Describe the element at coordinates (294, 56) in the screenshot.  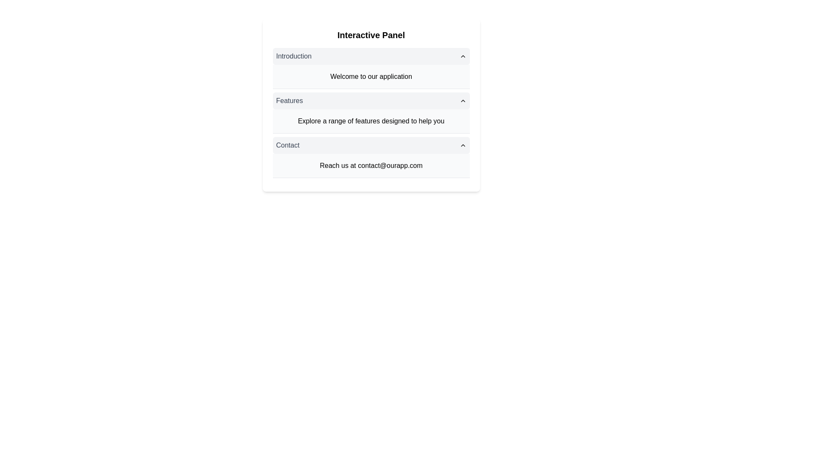
I see `the text label that displays 'Introduction', styled with medium font weight and gray color, located in the top section of a vertical list layout` at that location.